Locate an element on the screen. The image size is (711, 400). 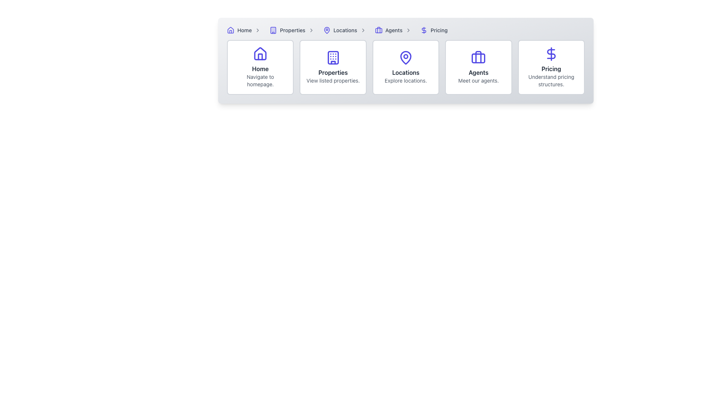
the 'Locations' section icon in the breadcrumb navigation bar, which is located between 'Properties' and 'Locations' is located at coordinates (326, 30).